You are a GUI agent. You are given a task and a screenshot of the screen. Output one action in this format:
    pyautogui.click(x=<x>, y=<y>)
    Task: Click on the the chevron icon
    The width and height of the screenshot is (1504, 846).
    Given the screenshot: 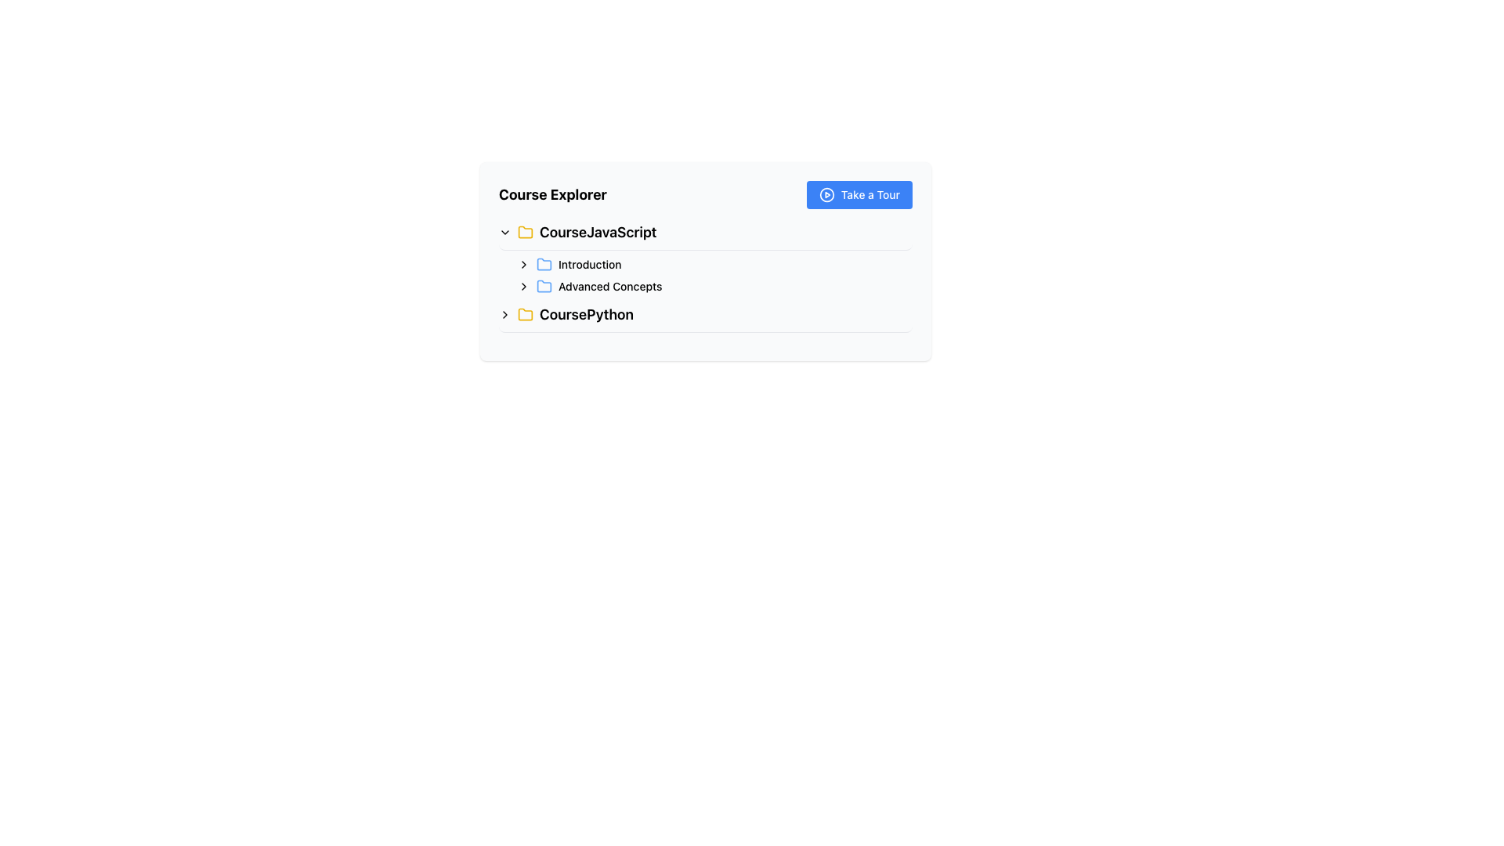 What is the action you would take?
    pyautogui.click(x=523, y=264)
    